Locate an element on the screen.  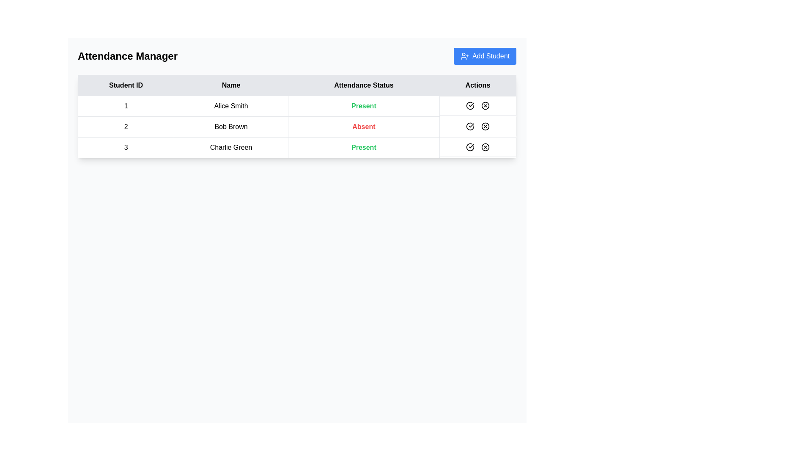
the Circle element that represents a decorative outline of the delete or cancel action icon in the 'Actions' column of the first row in the attendance table is located at coordinates (486, 105).